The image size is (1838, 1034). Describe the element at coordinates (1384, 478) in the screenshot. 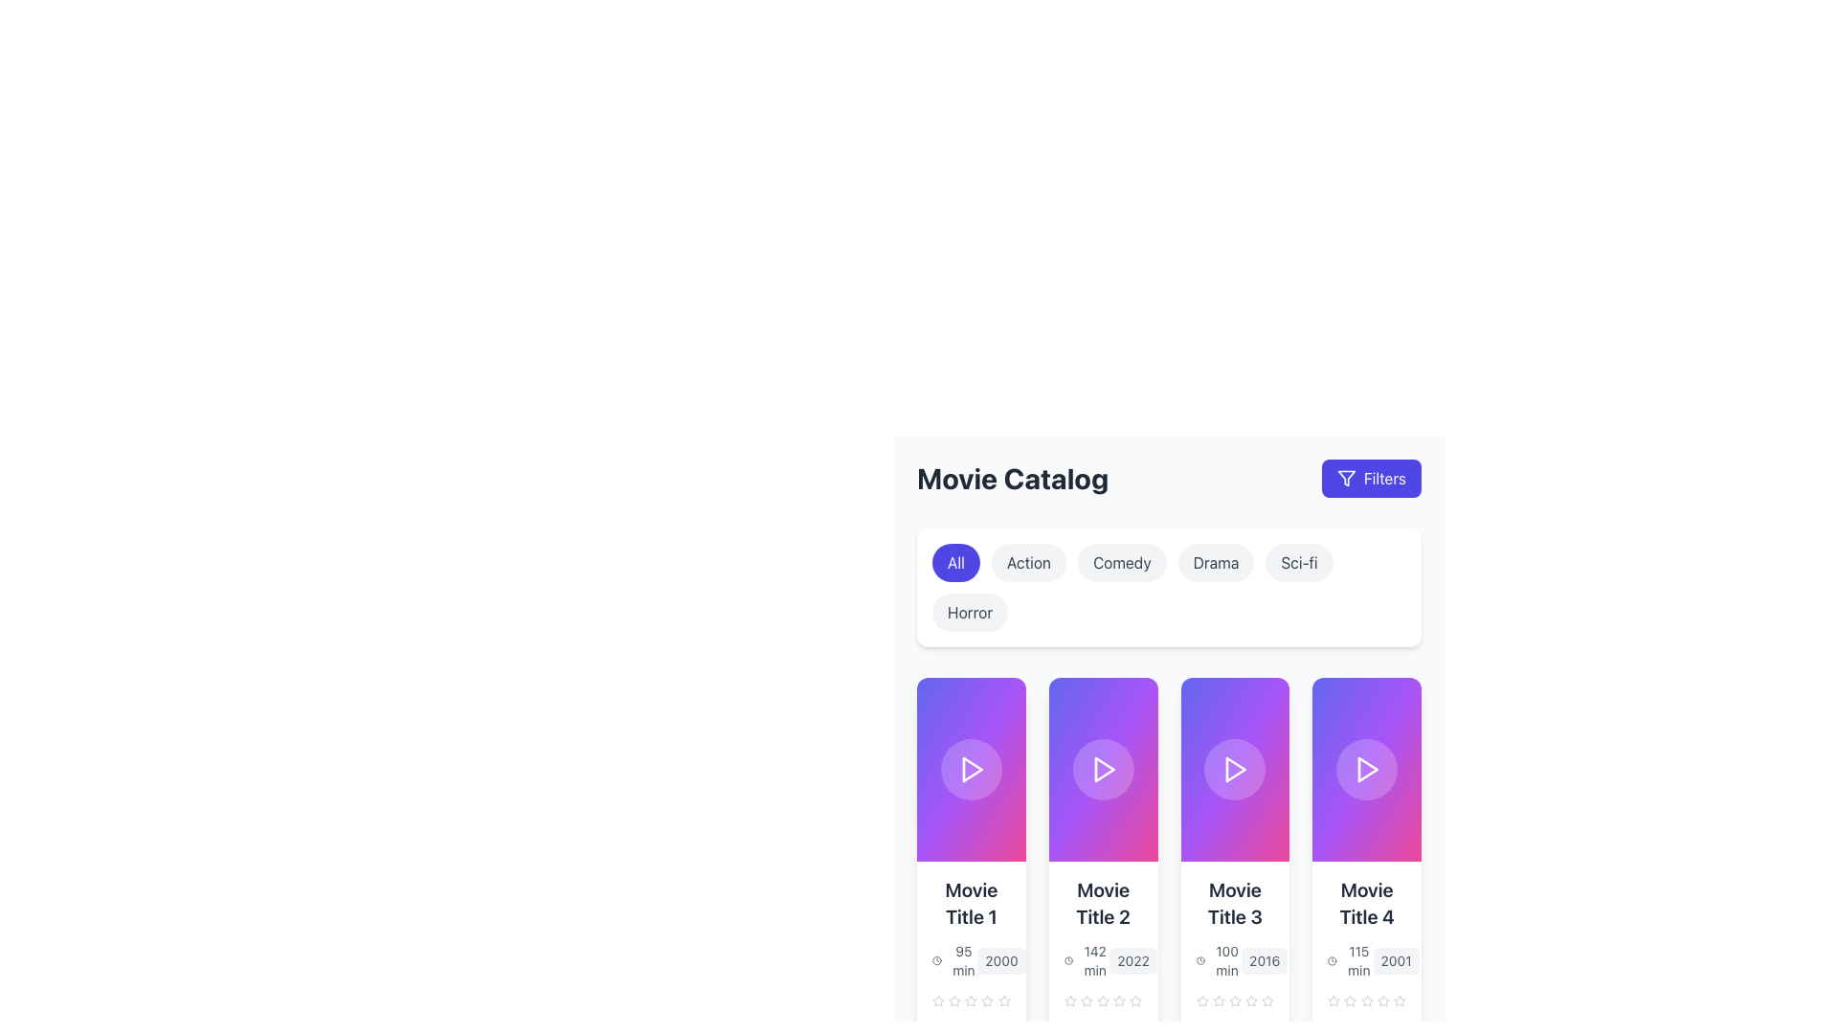

I see `the 'Filters' button, which is a white text on a purple button with rounded corners, located in the top-right corner of the visible content body` at that location.